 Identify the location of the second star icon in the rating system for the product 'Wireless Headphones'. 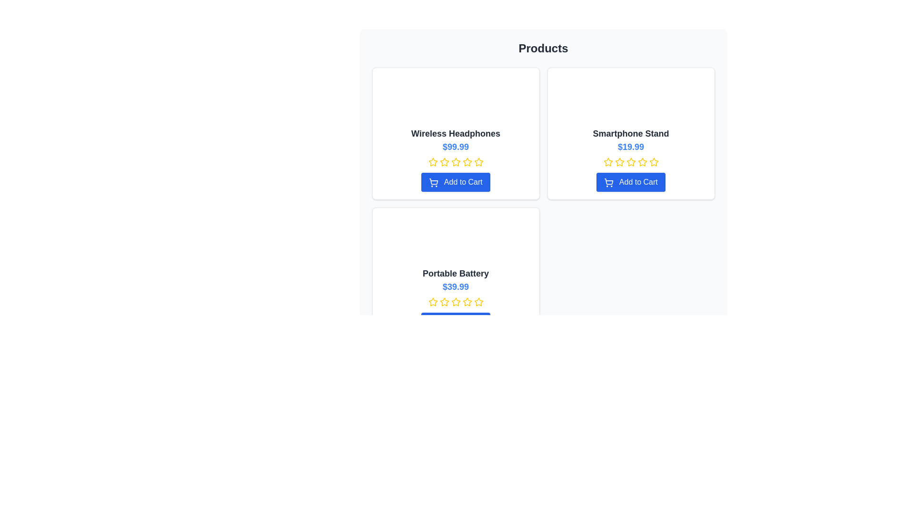
(444, 161).